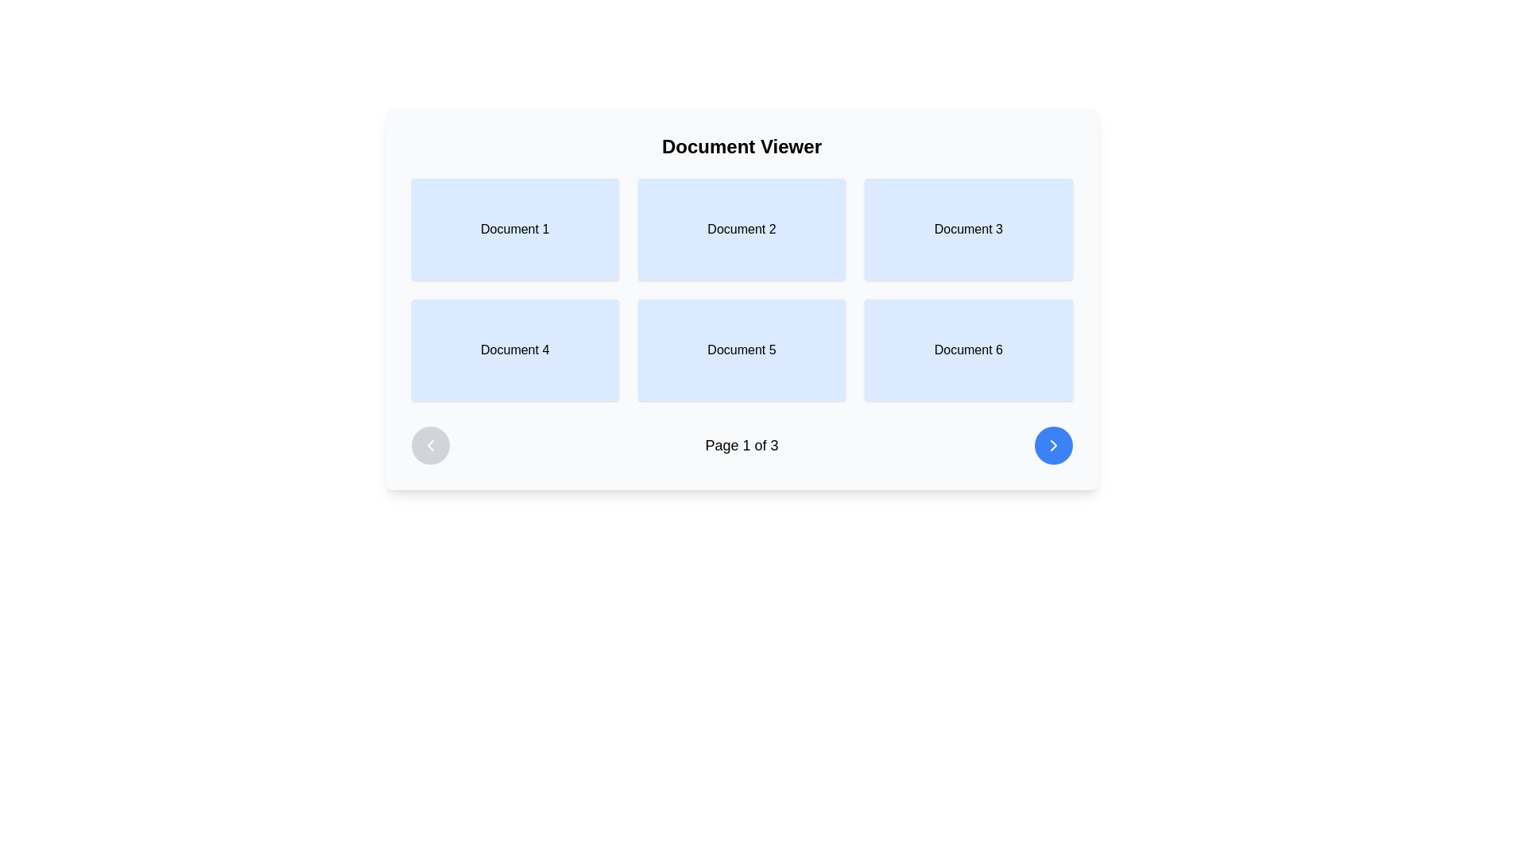 This screenshot has width=1526, height=858. Describe the element at coordinates (515, 349) in the screenshot. I see `the button-like component labeled 'Document 4' with a pale blue background, located in the second row, first column of the grid layout` at that location.